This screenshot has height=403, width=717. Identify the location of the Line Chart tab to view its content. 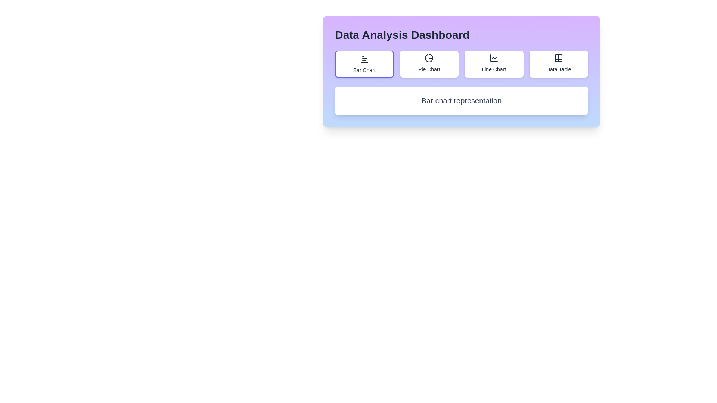
(494, 64).